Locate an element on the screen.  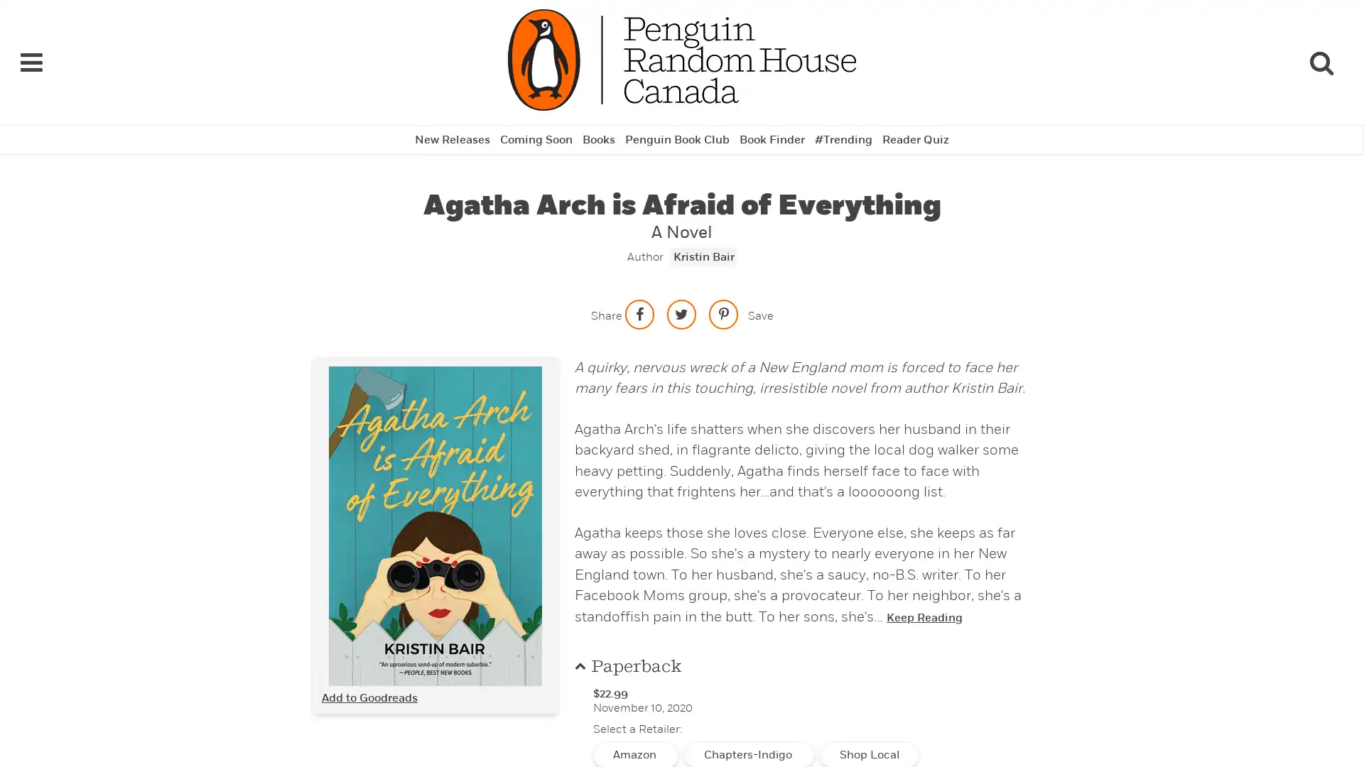
Navigation Links is located at coordinates (31, 38).